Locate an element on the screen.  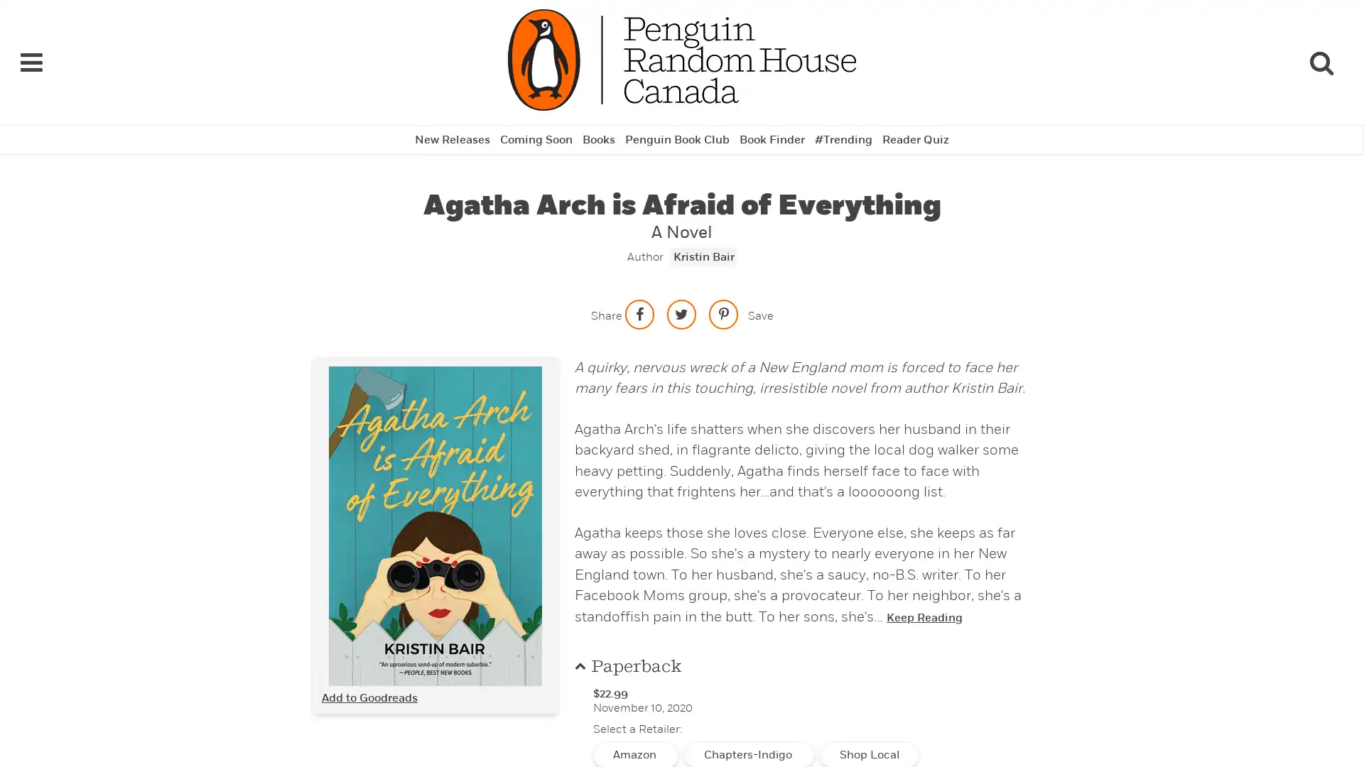
Navigation Links is located at coordinates (31, 38).